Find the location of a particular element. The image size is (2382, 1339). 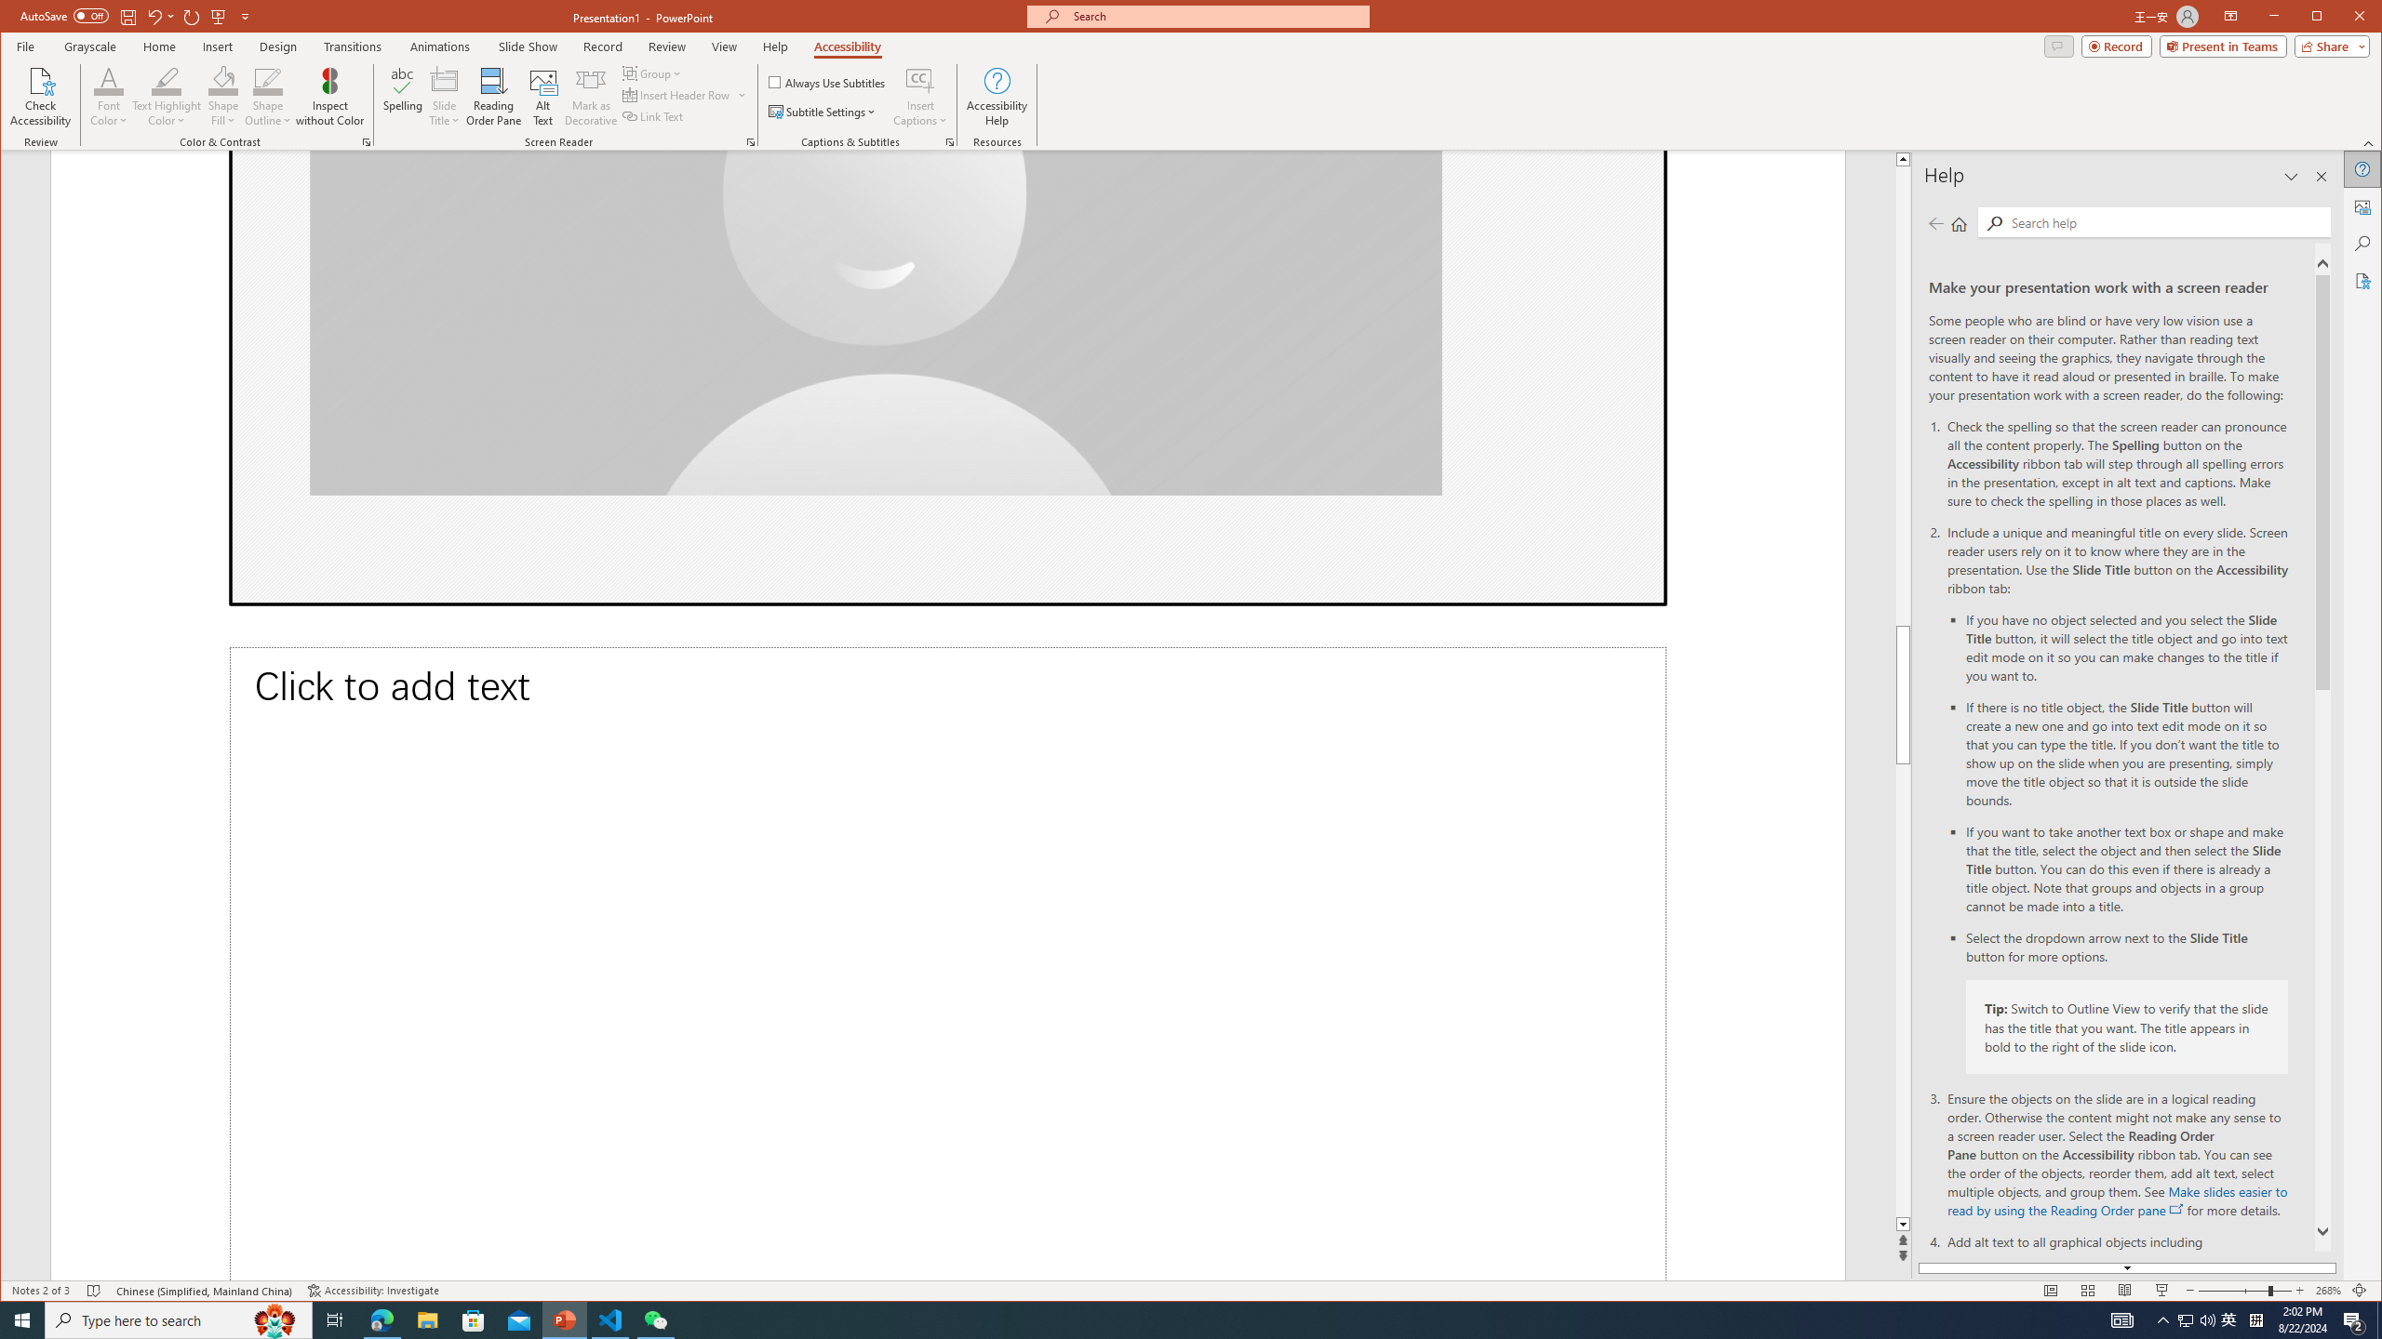

'Slide Notes' is located at coordinates (947, 962).